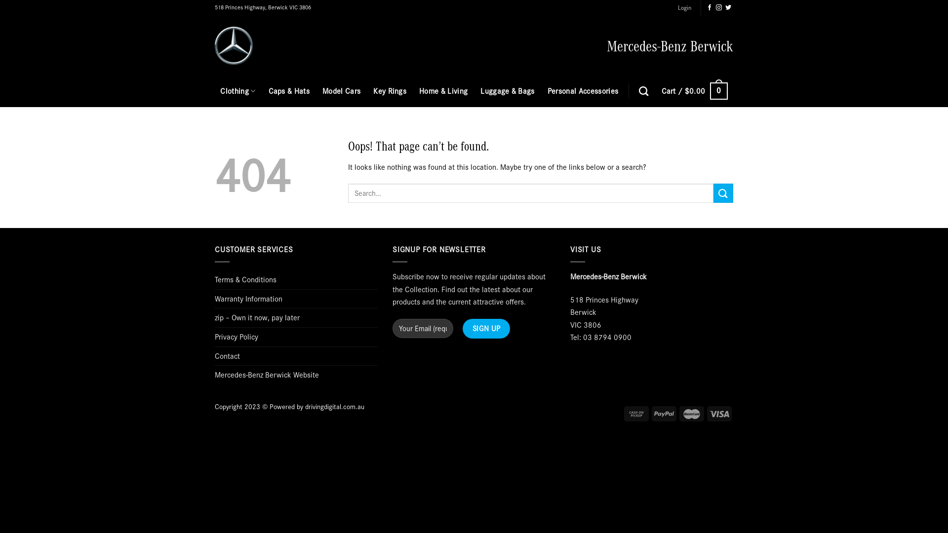 The height and width of the screenshot is (533, 948). I want to click on 'Warranty Information', so click(248, 298).